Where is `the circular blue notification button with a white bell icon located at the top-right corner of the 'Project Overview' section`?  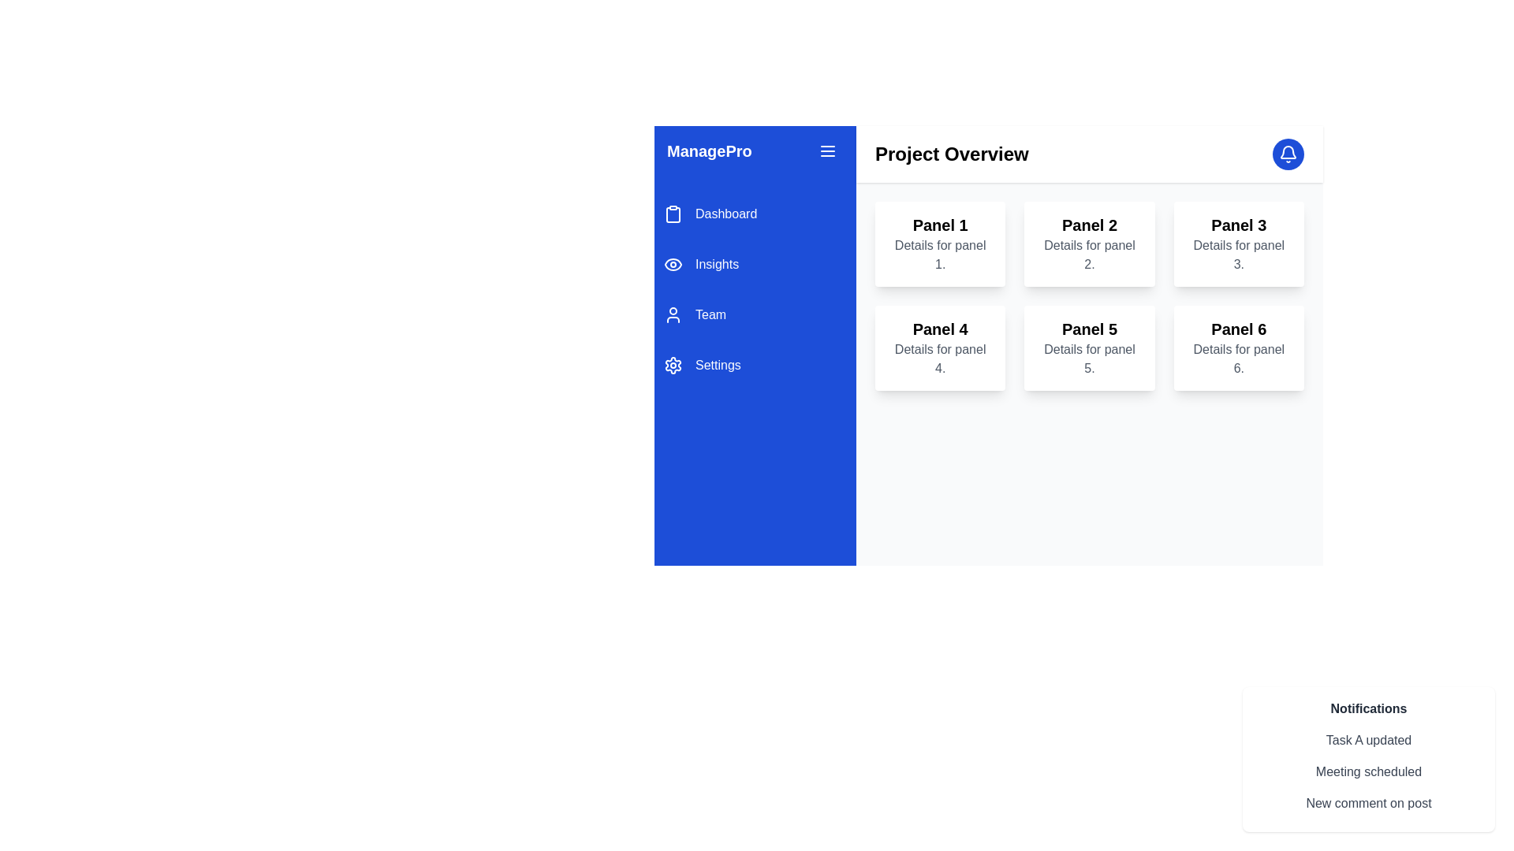
the circular blue notification button with a white bell icon located at the top-right corner of the 'Project Overview' section is located at coordinates (1288, 154).